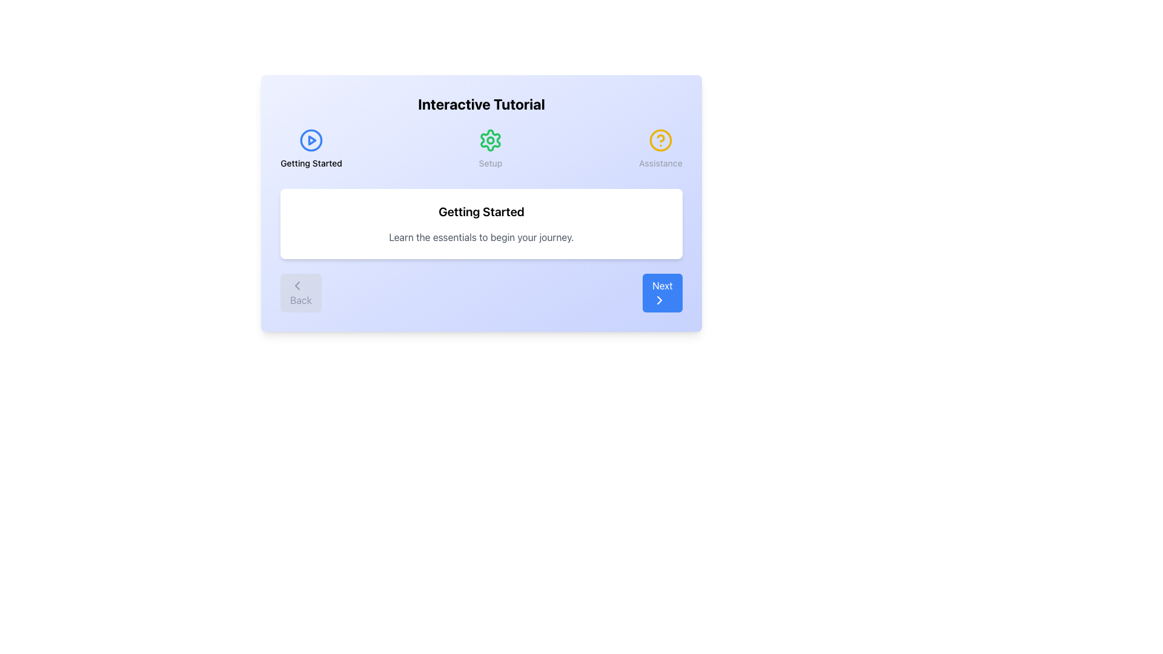  Describe the element at coordinates (481, 211) in the screenshot. I see `the text label titled 'Getting Started' which is displayed in bold and larger font on a white card area with a light blue background` at that location.